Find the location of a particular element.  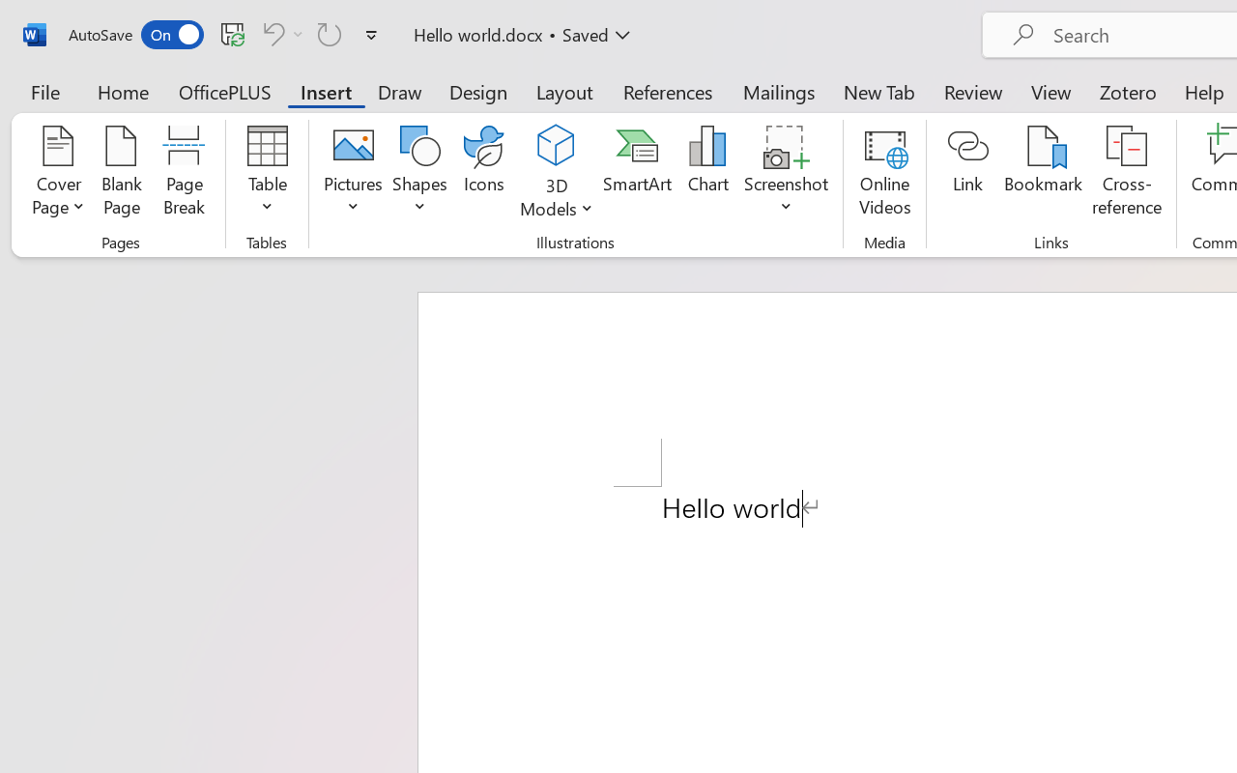

'Cover Page' is located at coordinates (58, 173).